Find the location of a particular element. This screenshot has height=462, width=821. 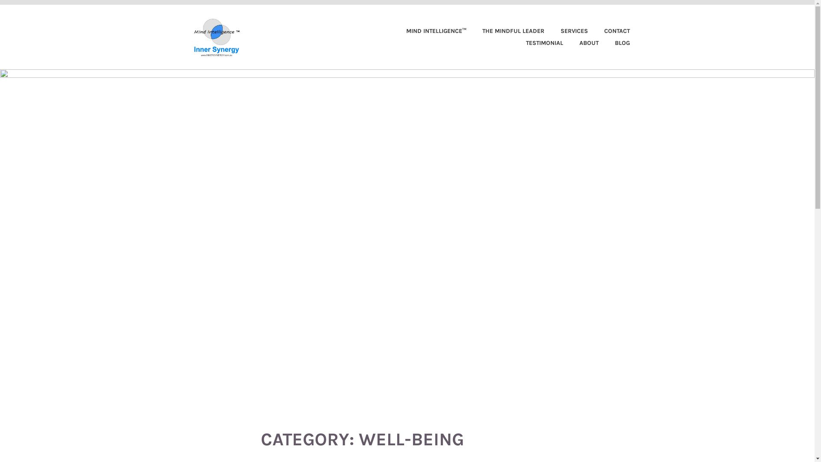

'SERVICES' is located at coordinates (567, 31).